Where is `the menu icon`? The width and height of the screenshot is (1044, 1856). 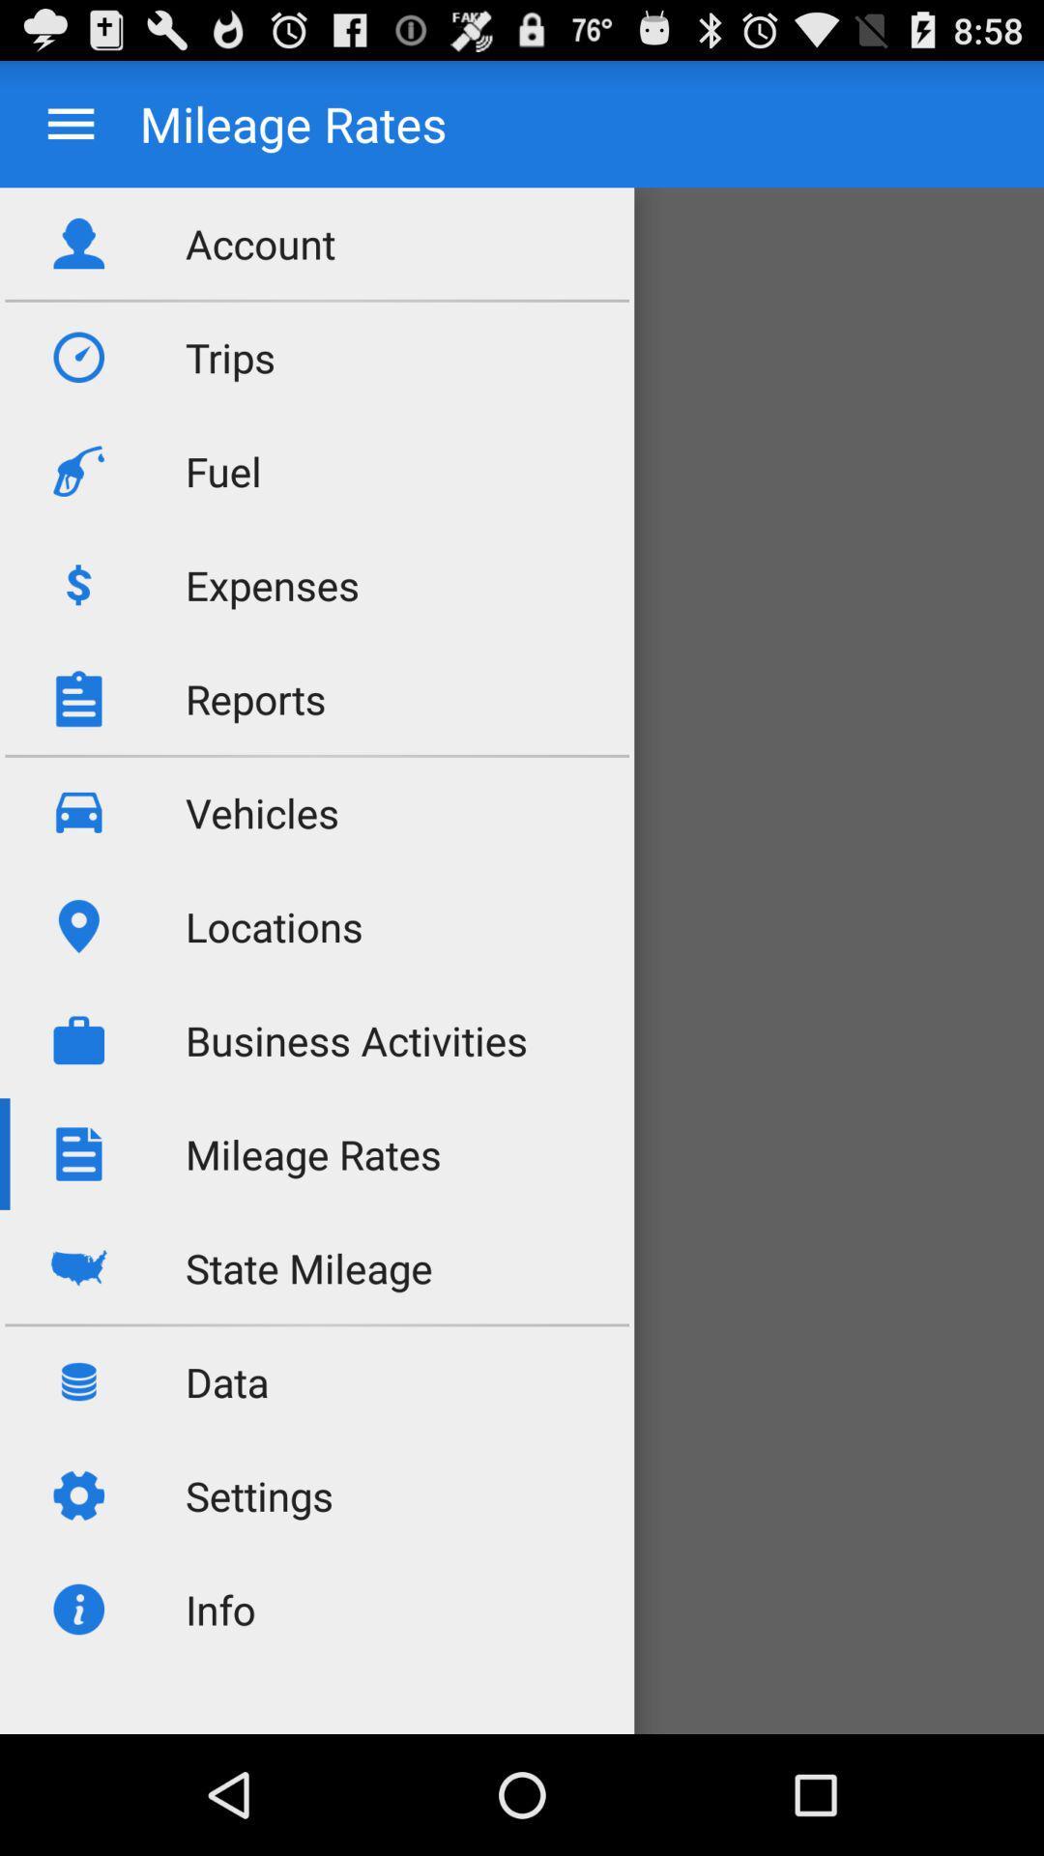
the menu icon is located at coordinates (70, 131).